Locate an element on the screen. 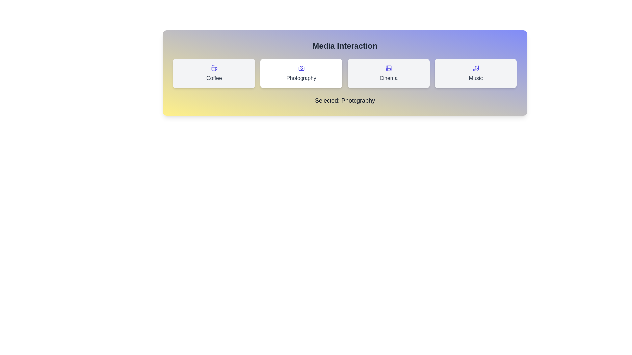  text label indicating the topic of the second card in the horizontal list, which is 'Photography' is located at coordinates (301, 78).